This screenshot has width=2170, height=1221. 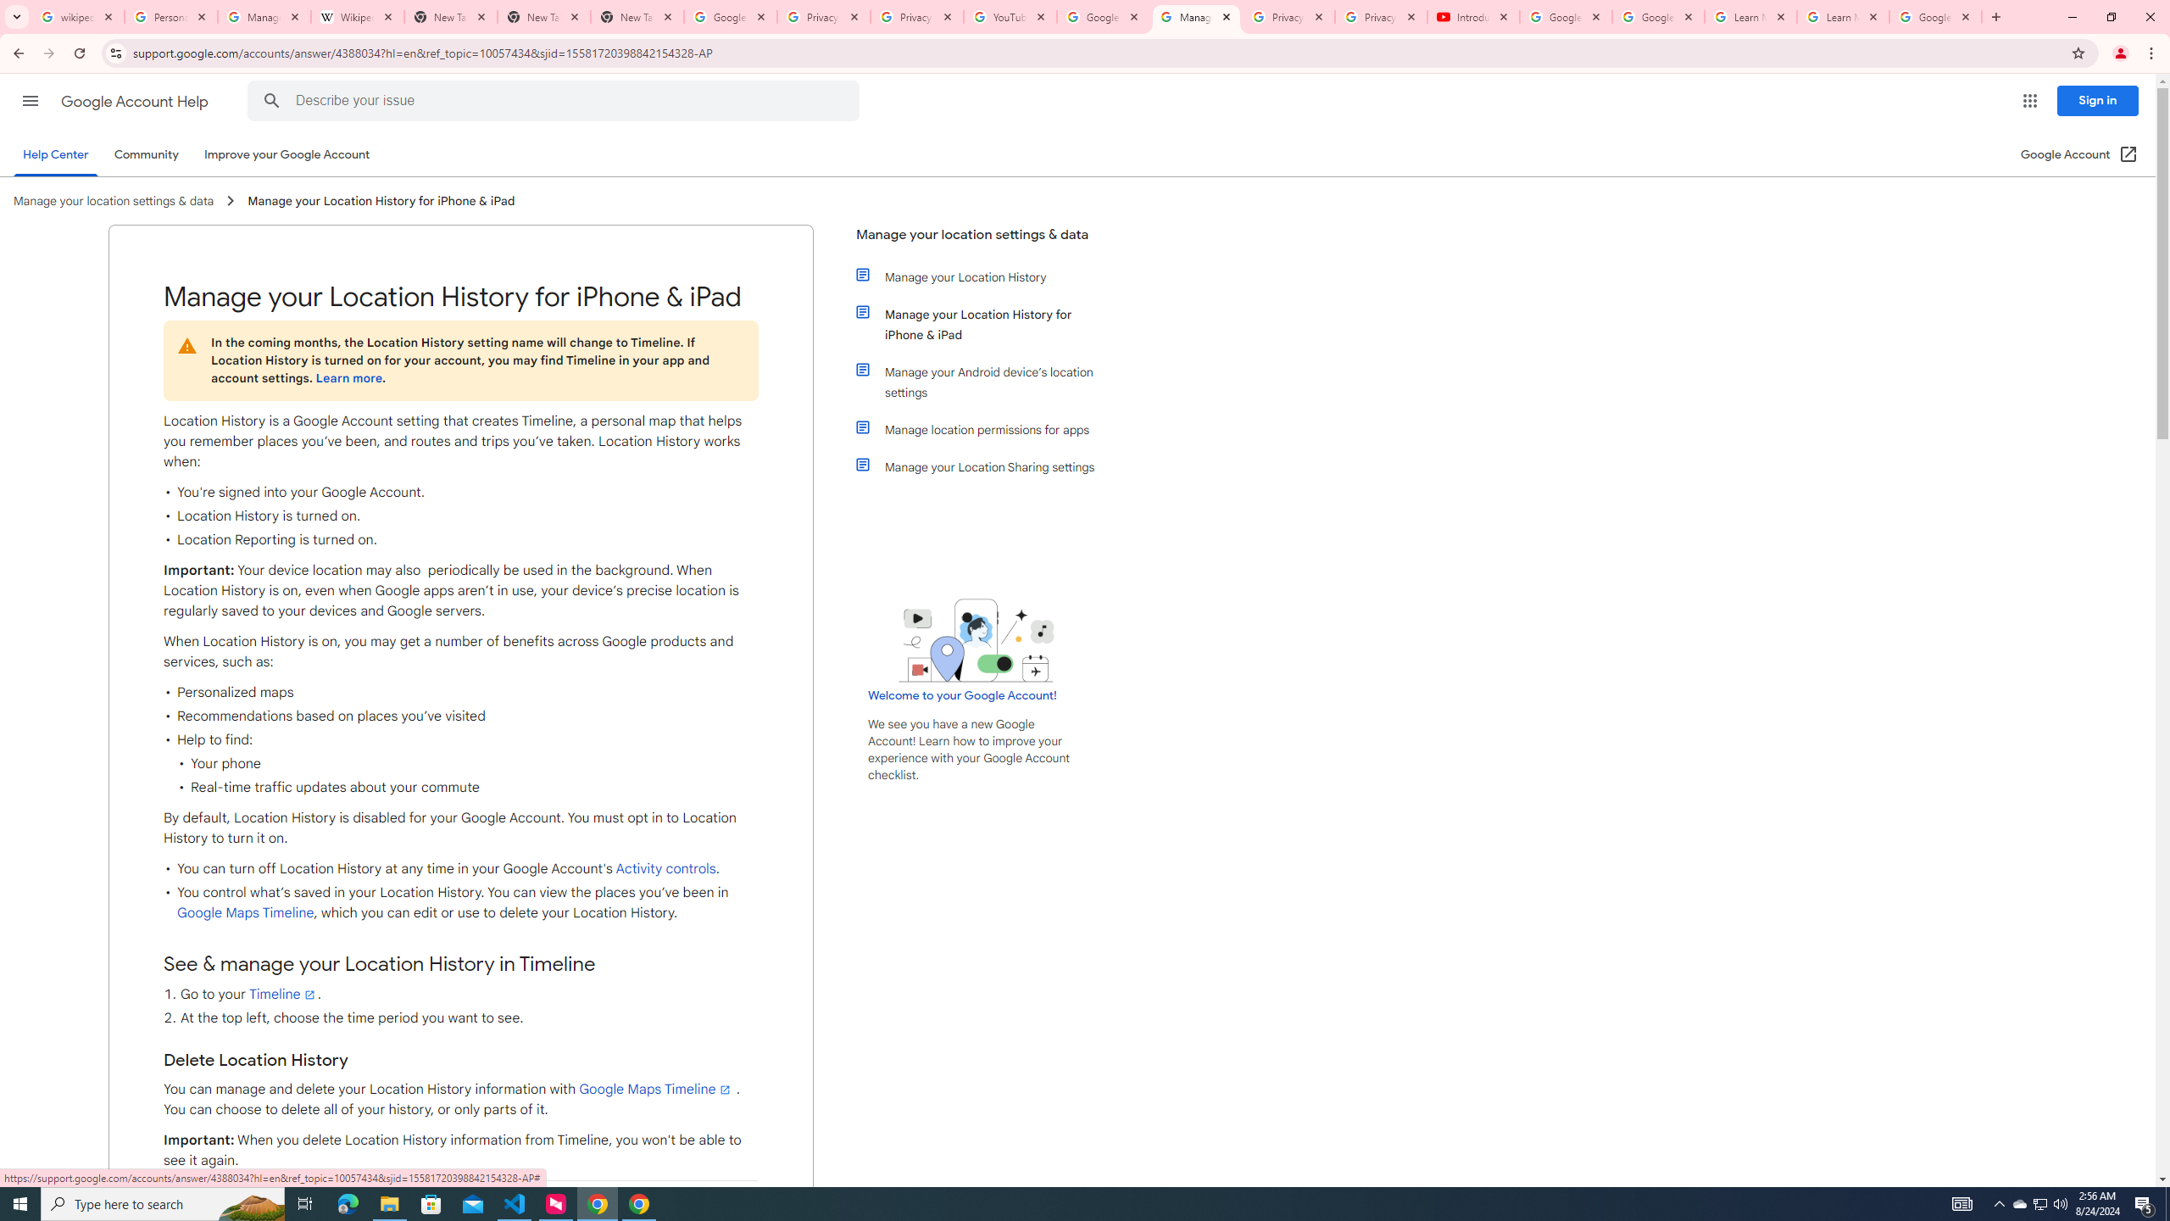 I want to click on 'Manage your Location History', so click(x=985, y=276).